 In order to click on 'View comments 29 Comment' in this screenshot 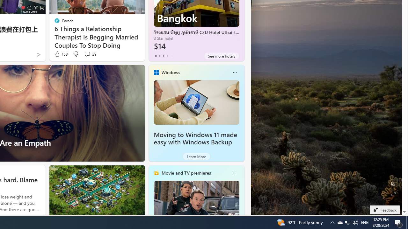, I will do `click(87, 53)`.